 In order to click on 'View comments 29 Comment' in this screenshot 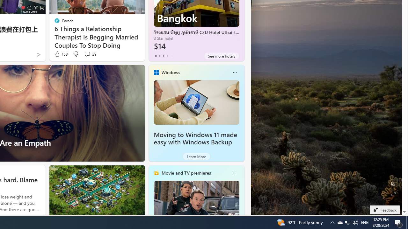, I will do `click(87, 53)`.